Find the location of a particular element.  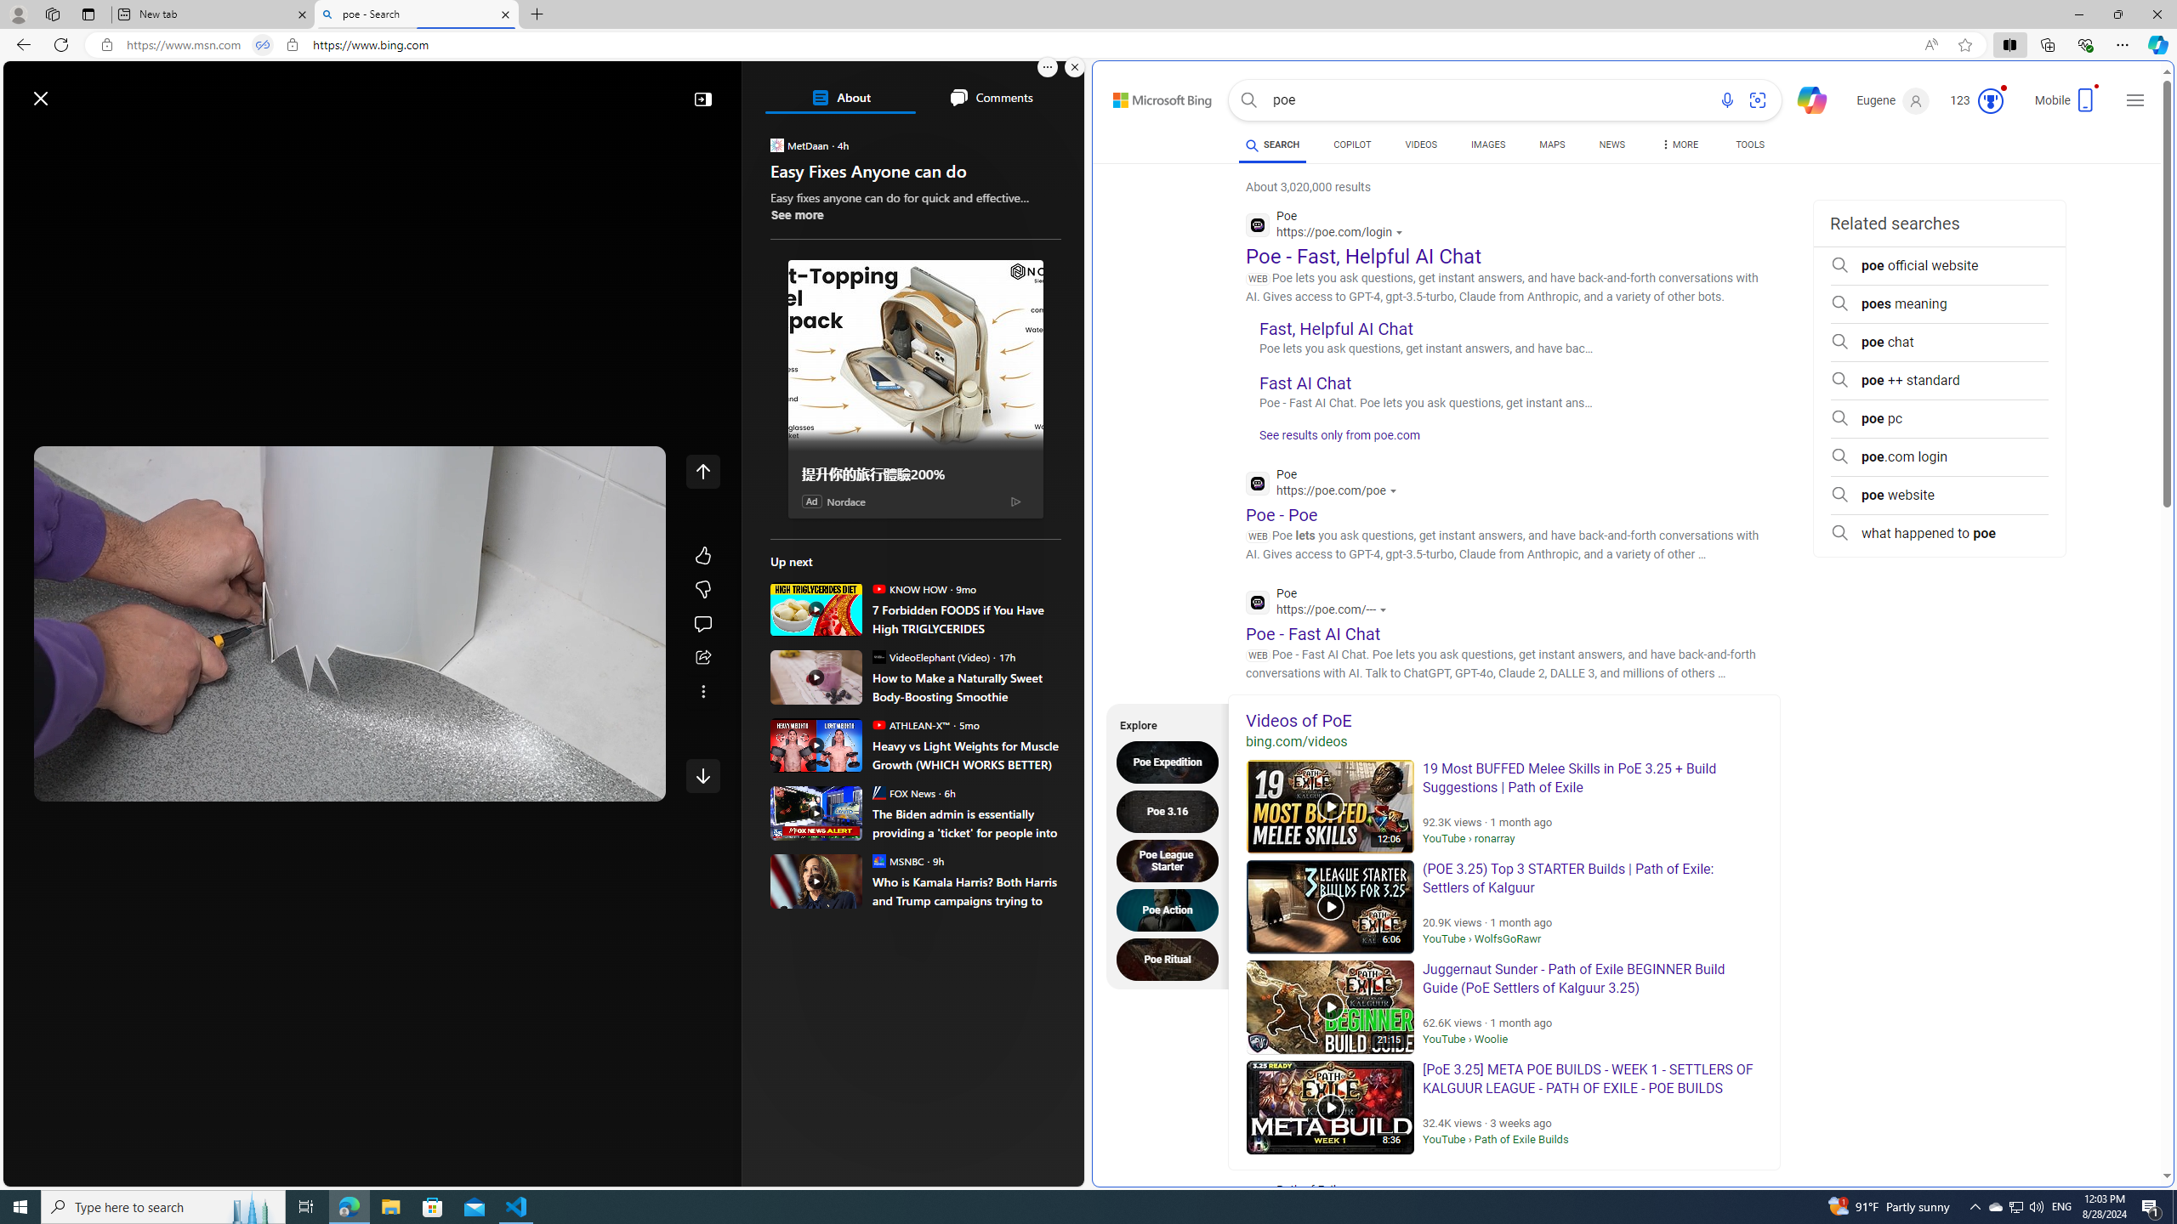

'KNOW HOW' is located at coordinates (877, 588).